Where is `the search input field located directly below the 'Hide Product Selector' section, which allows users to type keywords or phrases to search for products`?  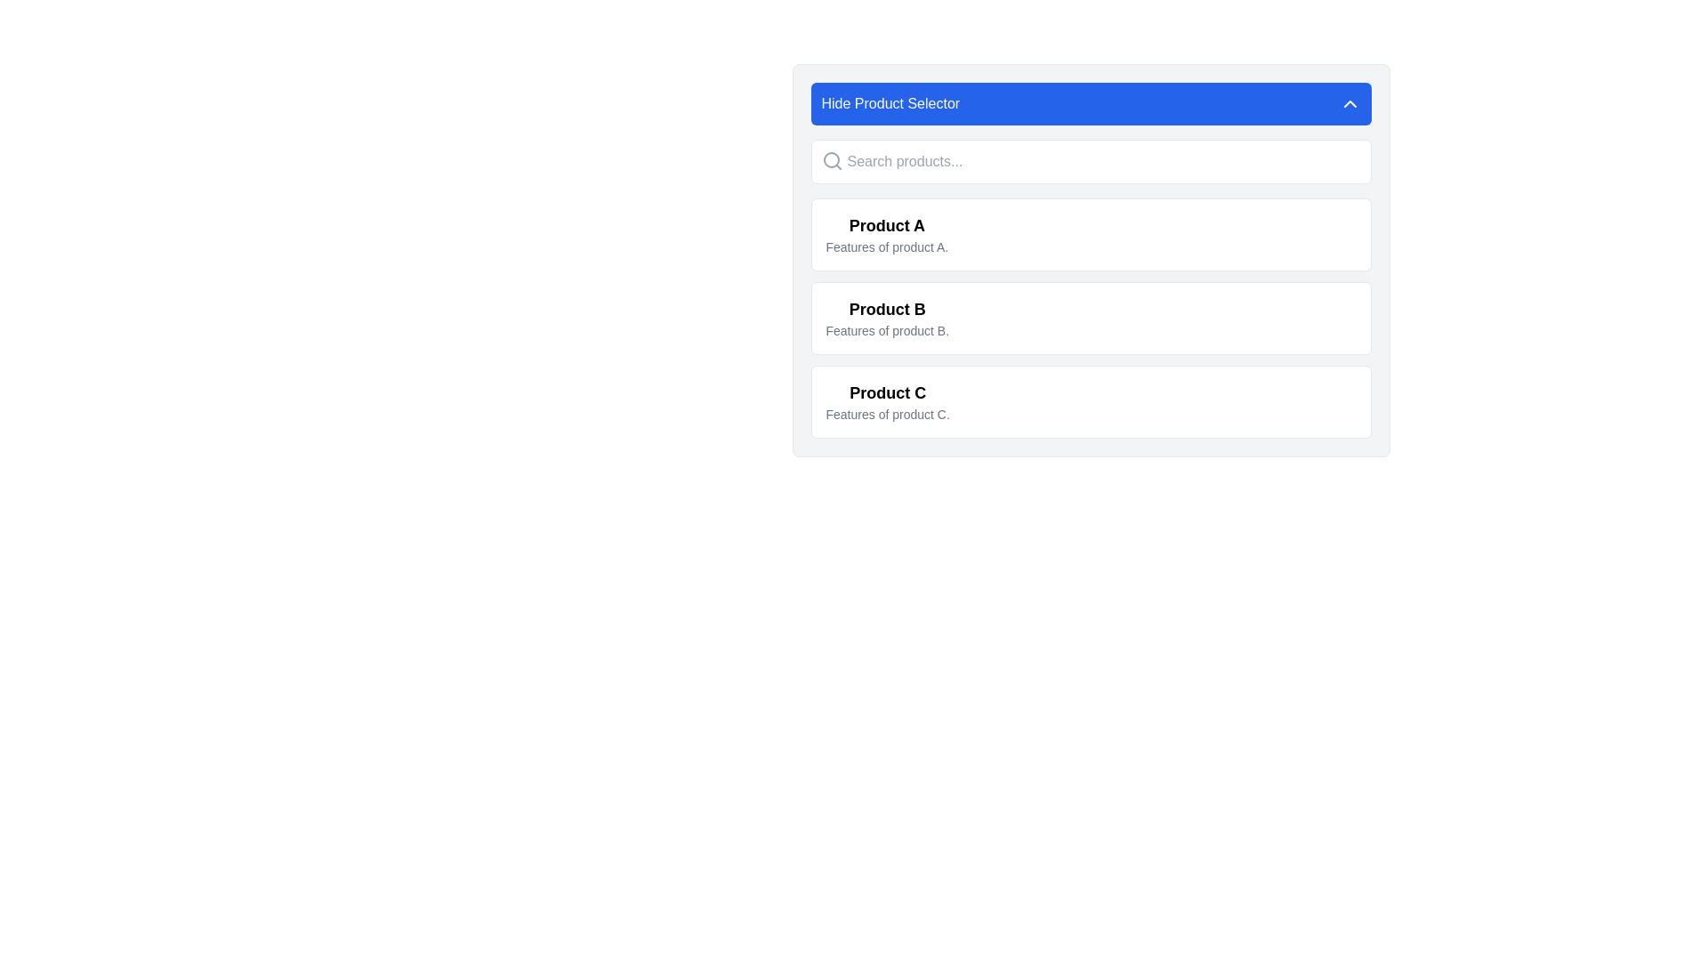
the search input field located directly below the 'Hide Product Selector' section, which allows users to type keywords or phrases to search for products is located at coordinates (1090, 161).